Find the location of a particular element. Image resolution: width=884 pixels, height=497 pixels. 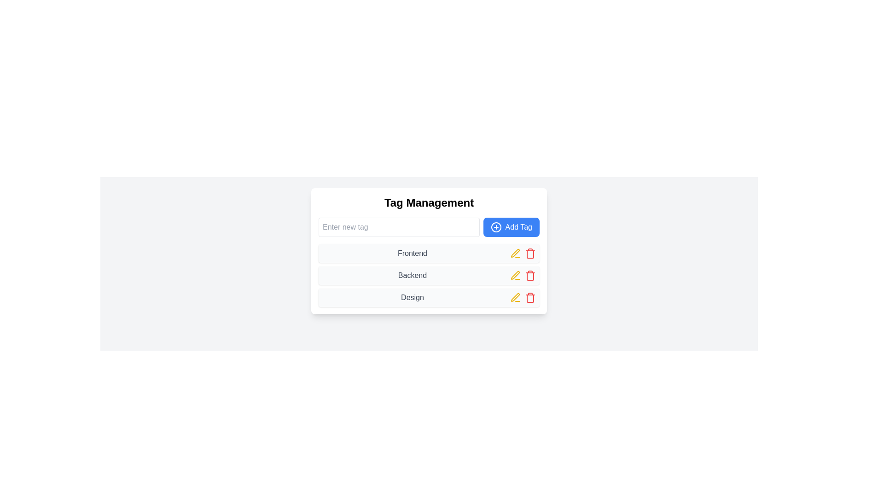

the button located on the right-most side of the tag input field is located at coordinates (510, 227).